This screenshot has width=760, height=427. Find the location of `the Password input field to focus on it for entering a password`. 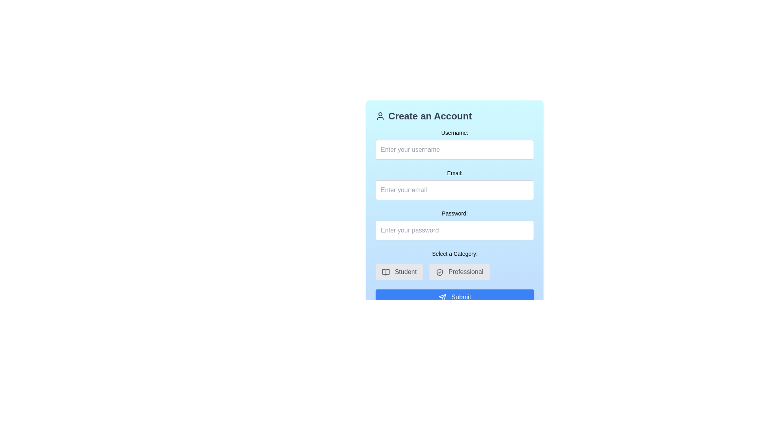

the Password input field to focus on it for entering a password is located at coordinates (454, 230).